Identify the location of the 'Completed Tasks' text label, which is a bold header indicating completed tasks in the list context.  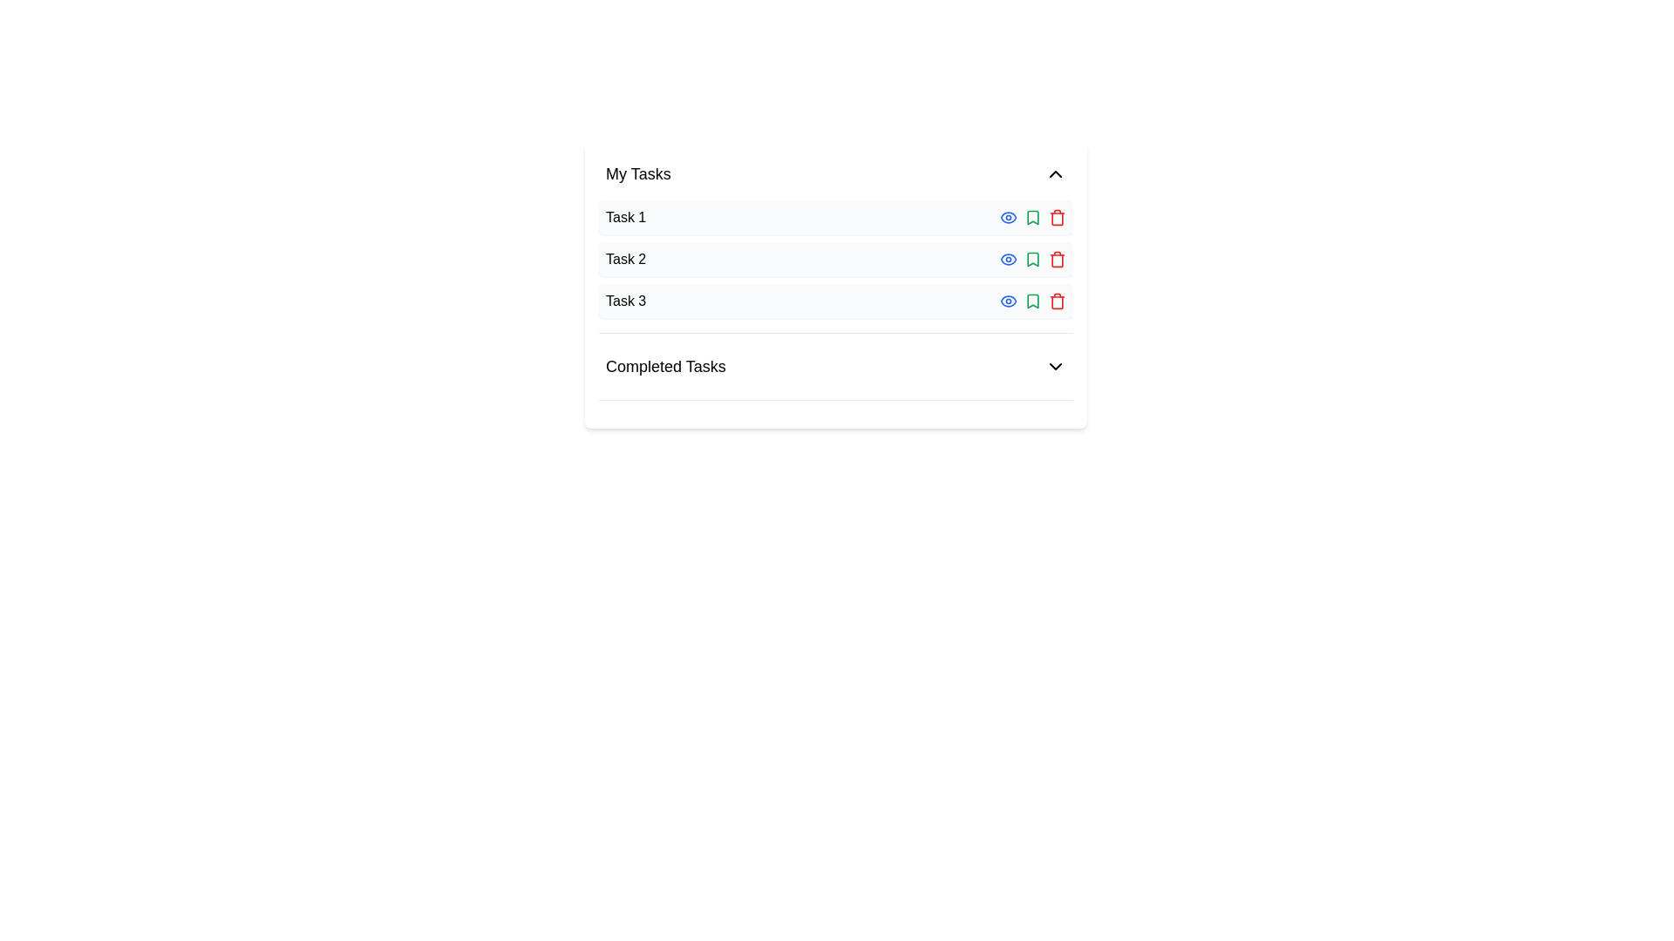
(664, 365).